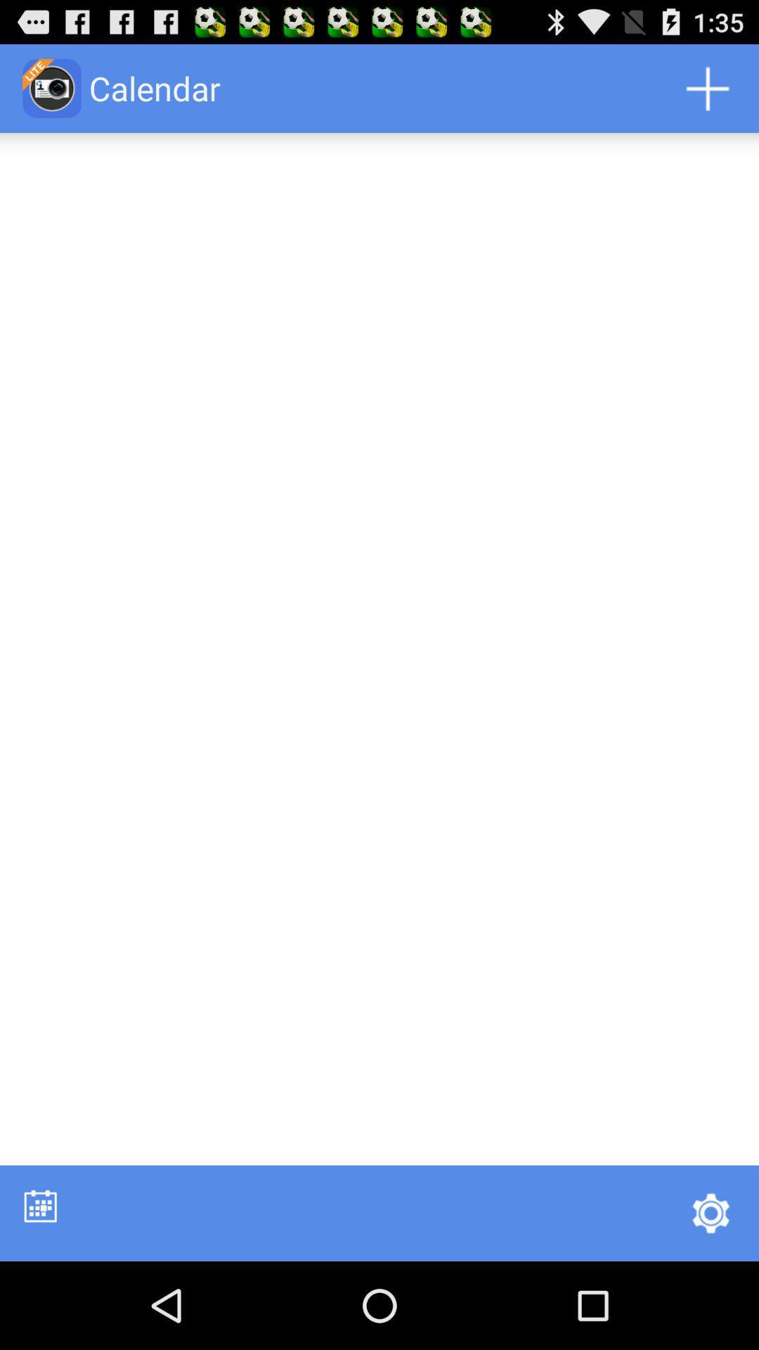  Describe the element at coordinates (711, 1212) in the screenshot. I see `settings` at that location.